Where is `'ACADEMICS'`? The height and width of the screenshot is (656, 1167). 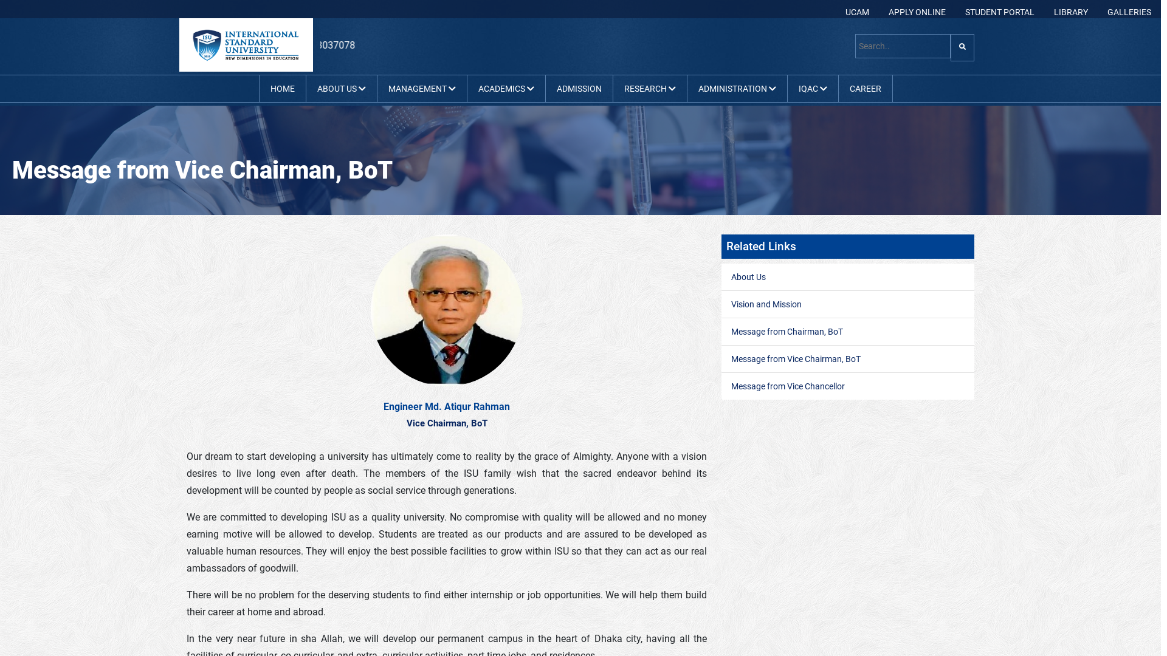
'ACADEMICS' is located at coordinates (505, 88).